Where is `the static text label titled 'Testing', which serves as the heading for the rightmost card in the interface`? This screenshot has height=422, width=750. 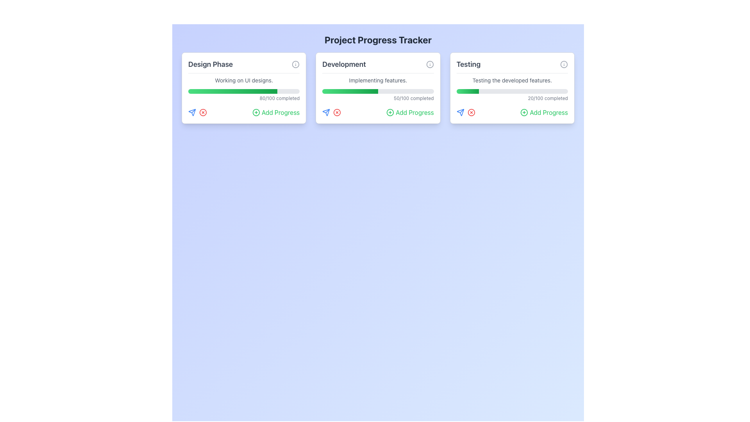 the static text label titled 'Testing', which serves as the heading for the rightmost card in the interface is located at coordinates (468, 64).